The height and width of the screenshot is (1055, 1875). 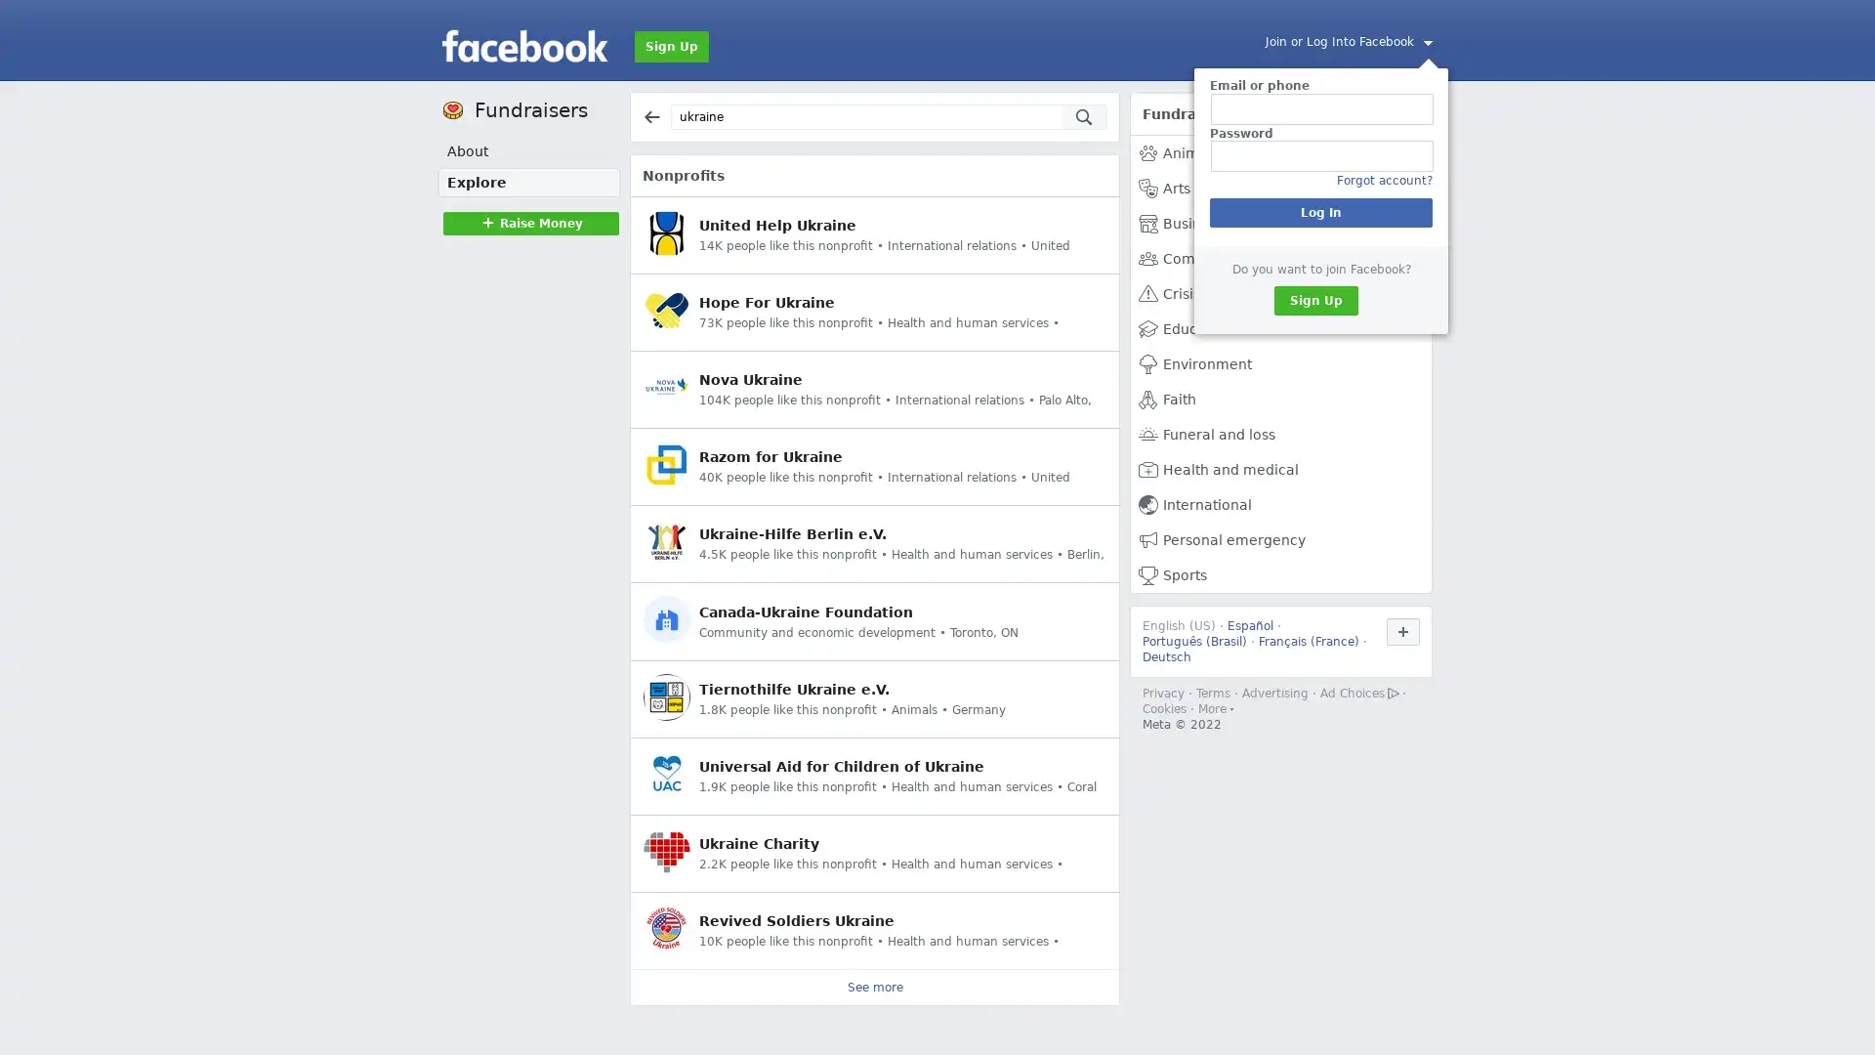 I want to click on Use Facebook in another language., so click(x=1401, y=632).